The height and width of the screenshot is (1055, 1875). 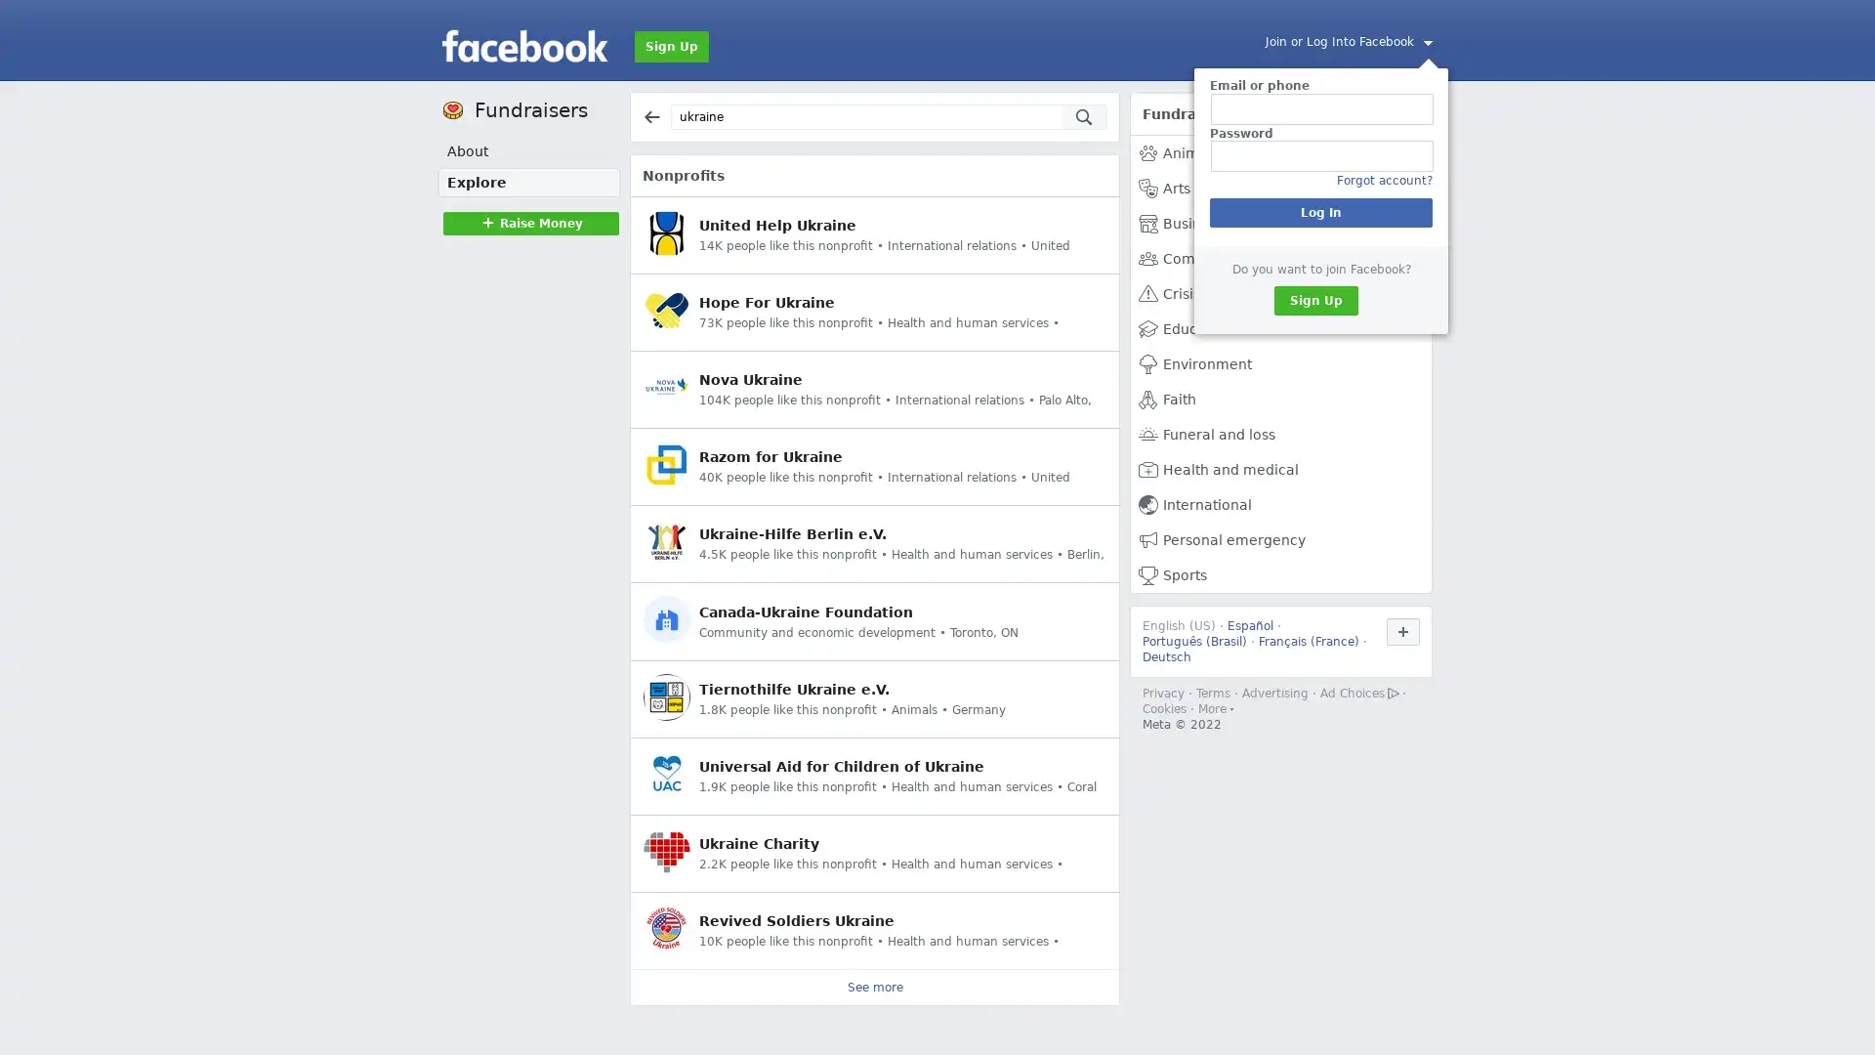 I want to click on Use Facebook in another language., so click(x=1401, y=632).